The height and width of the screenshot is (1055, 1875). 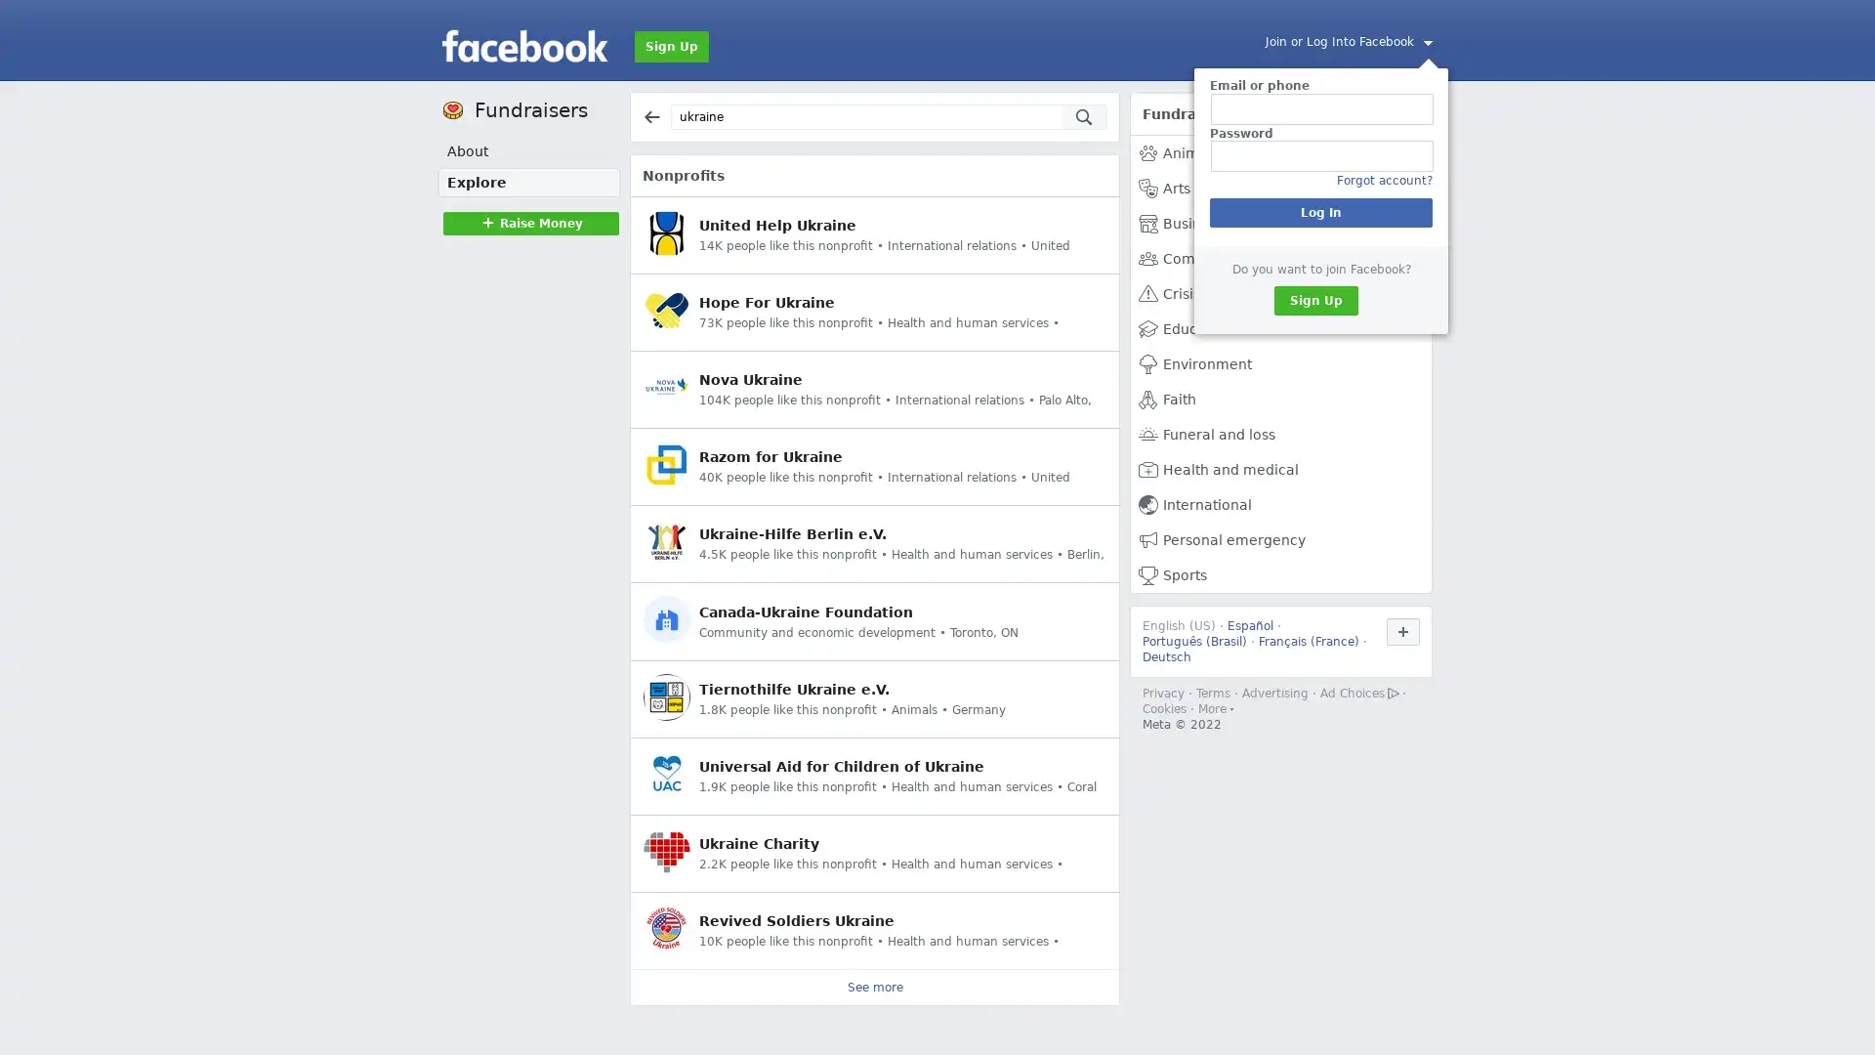 I want to click on Use Facebook in another language., so click(x=1401, y=632).